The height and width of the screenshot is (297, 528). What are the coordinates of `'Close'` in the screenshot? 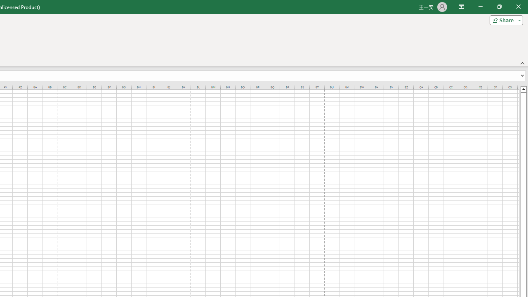 It's located at (518, 7).